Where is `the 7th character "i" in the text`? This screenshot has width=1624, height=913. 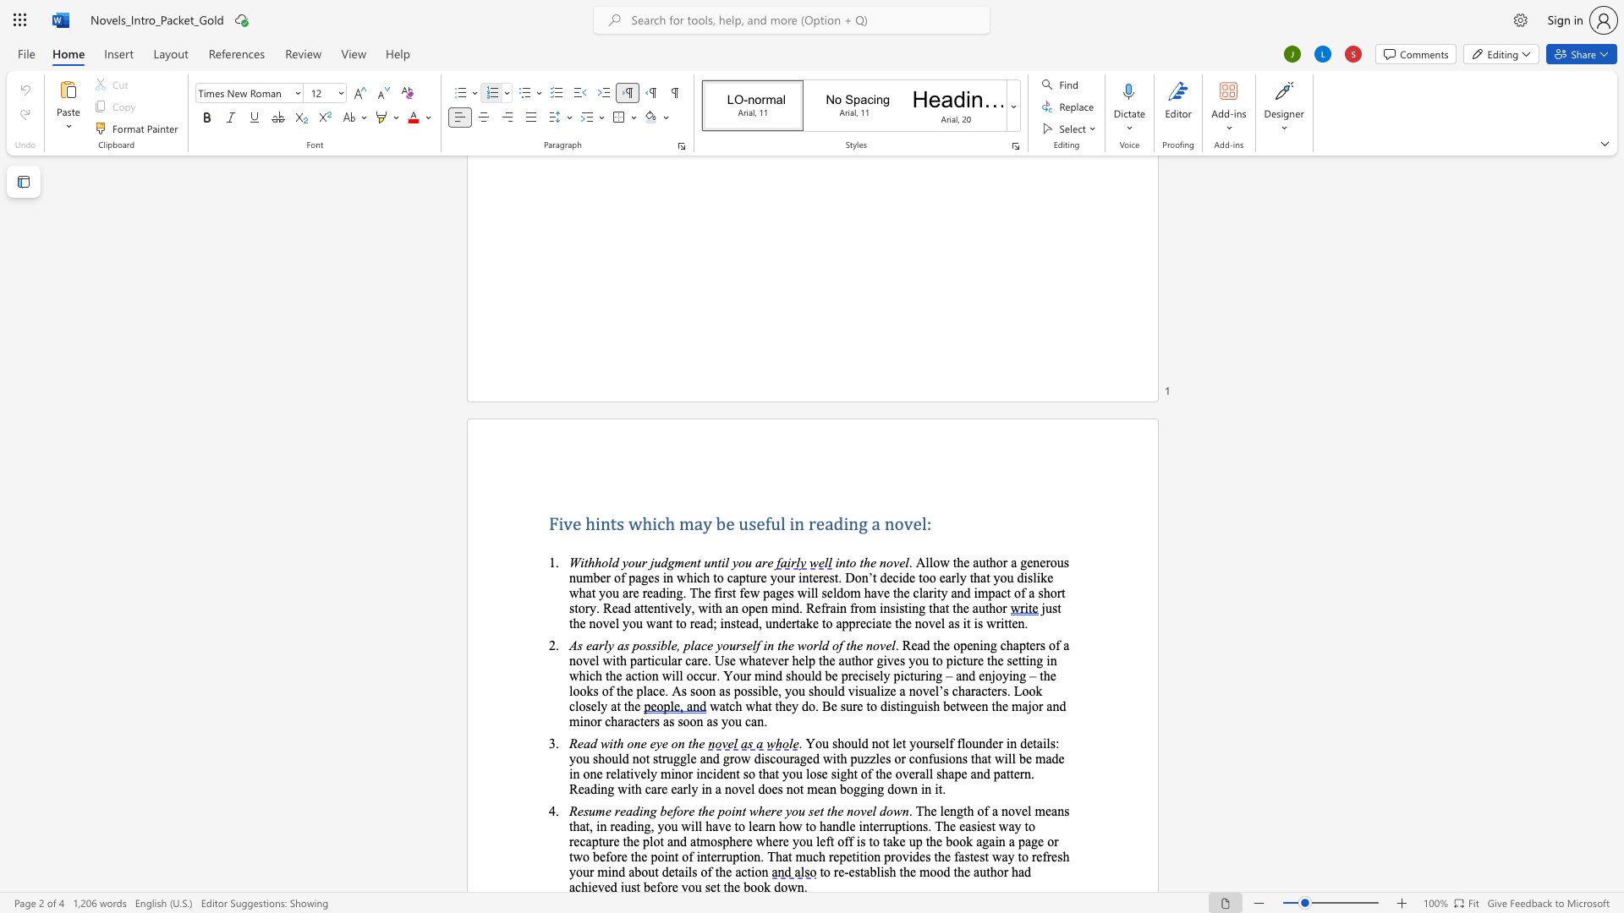
the 7th character "i" in the text is located at coordinates (869, 789).